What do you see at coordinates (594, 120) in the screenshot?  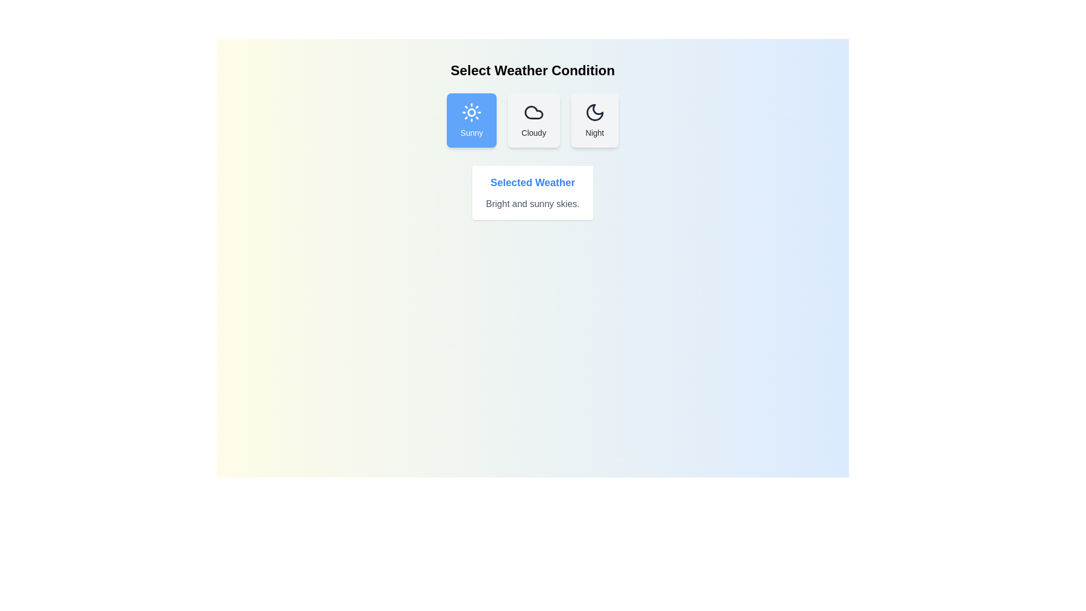 I see `the weather condition button corresponding to Night` at bounding box center [594, 120].